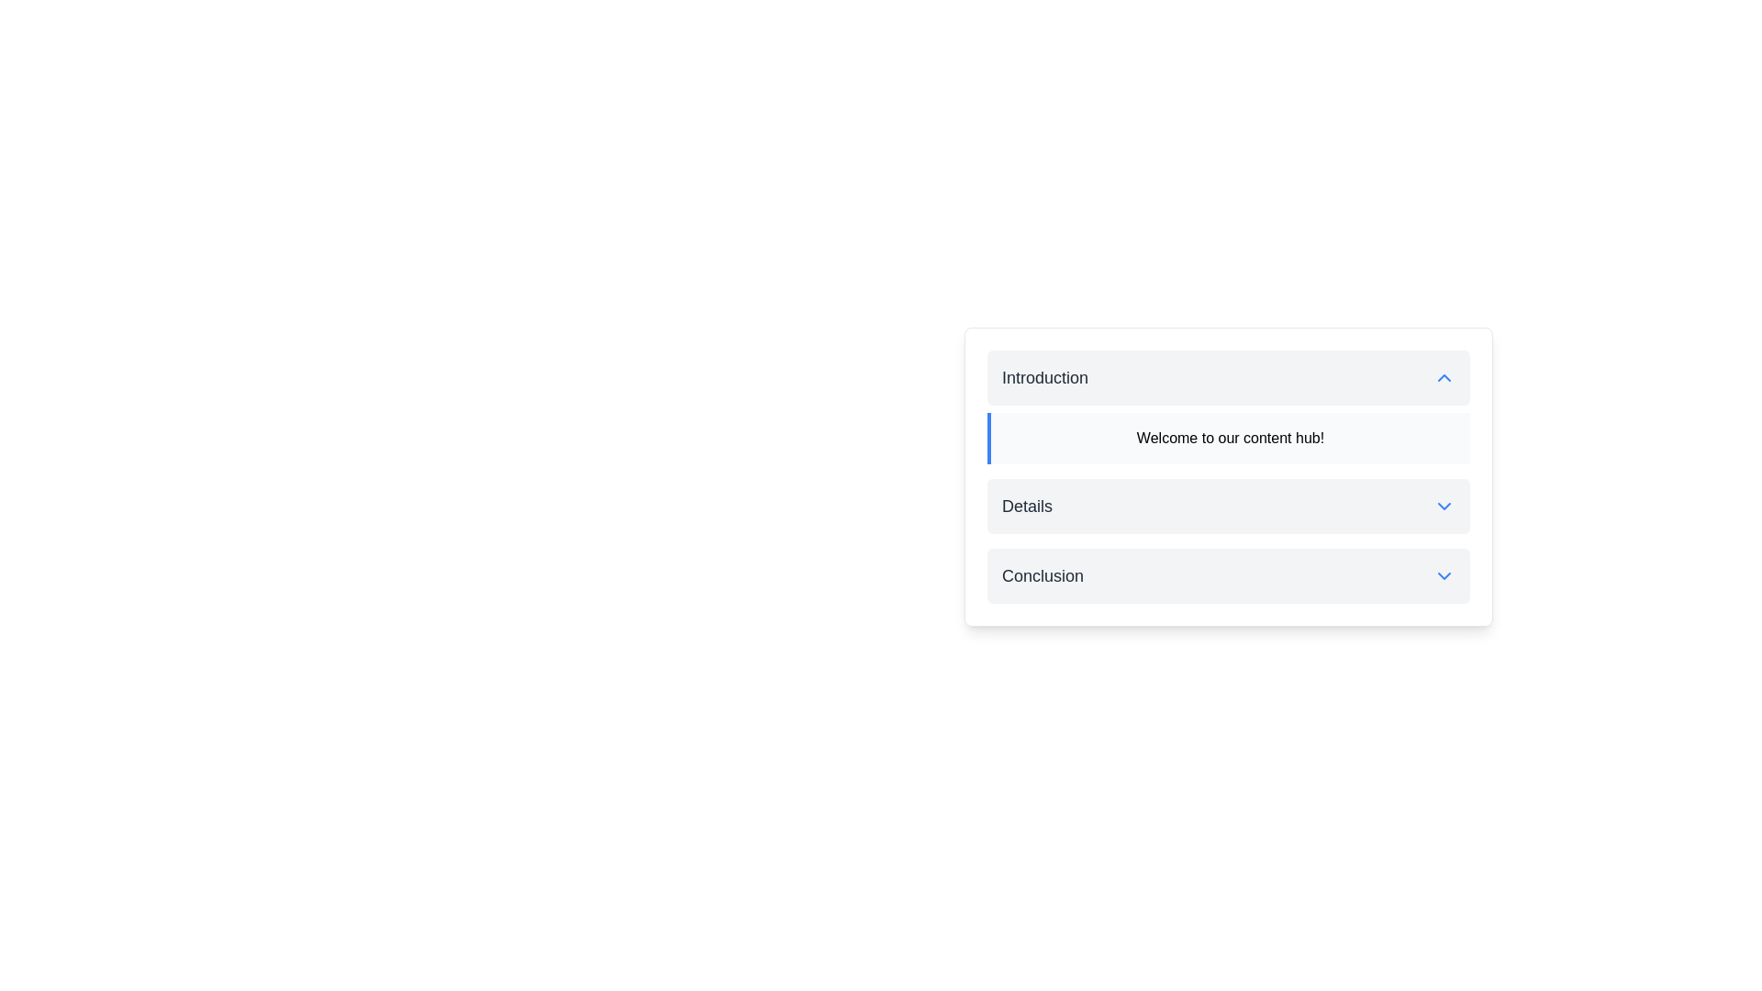  I want to click on the static text content element located at the top of the introduction section of the accordion component, which serves as a welcoming note to the user, so click(1230, 439).